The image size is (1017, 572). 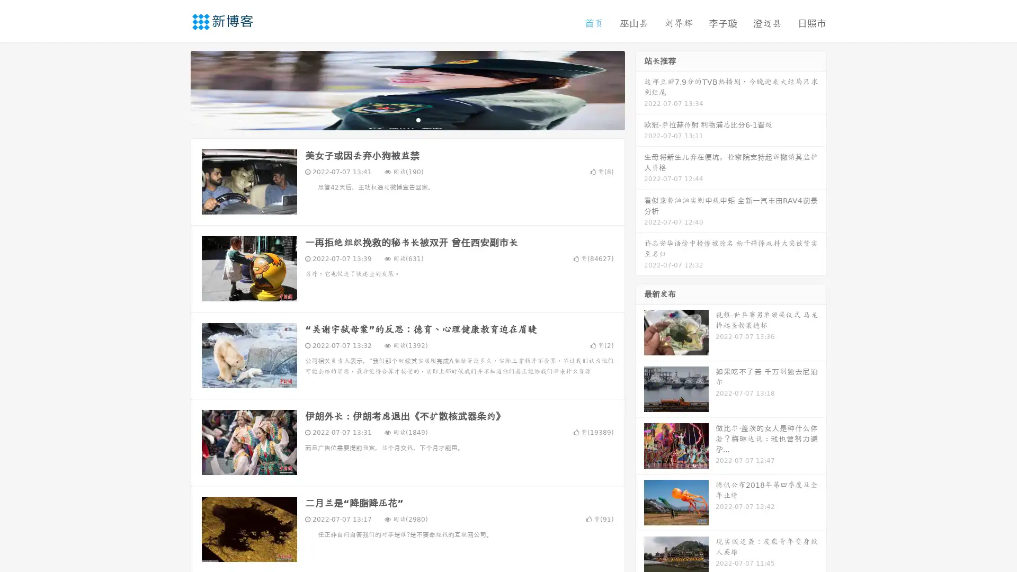 I want to click on Go to slide 1, so click(x=396, y=119).